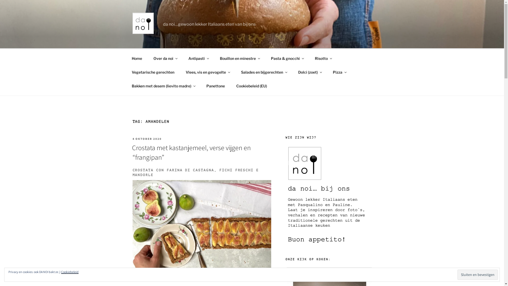 The image size is (508, 286). I want to click on 'Cookiebeleid (EU)', so click(232, 86).